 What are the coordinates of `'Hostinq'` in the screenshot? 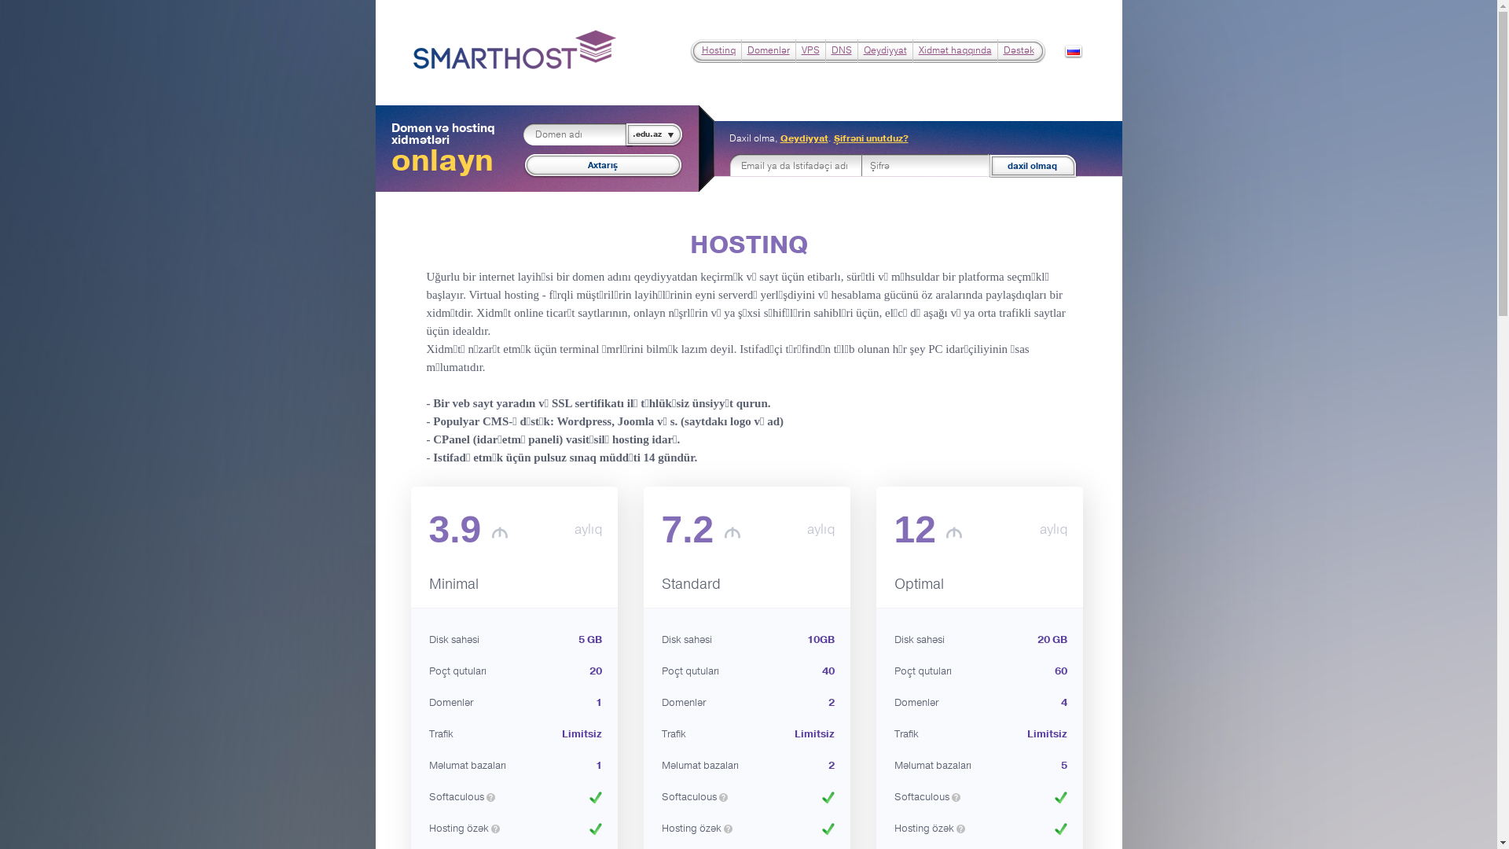 It's located at (717, 50).